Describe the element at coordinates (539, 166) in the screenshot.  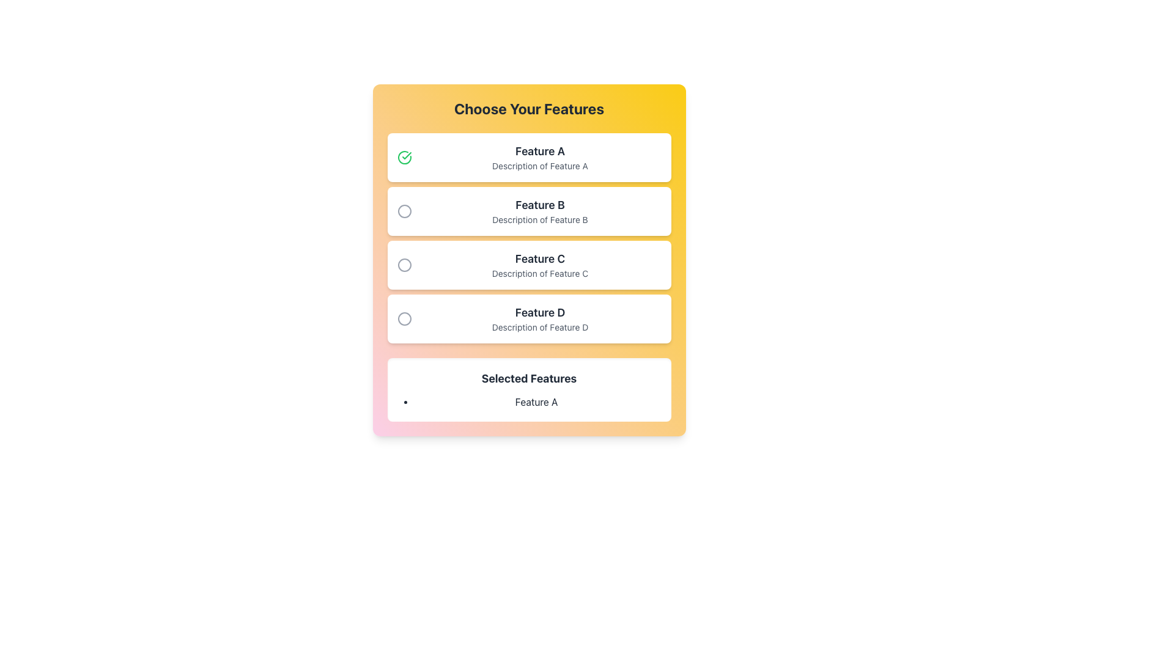
I see `text label displaying 'Description of Feature A' located below the heading 'Feature A' in the first card of a vertical list of selectable options` at that location.